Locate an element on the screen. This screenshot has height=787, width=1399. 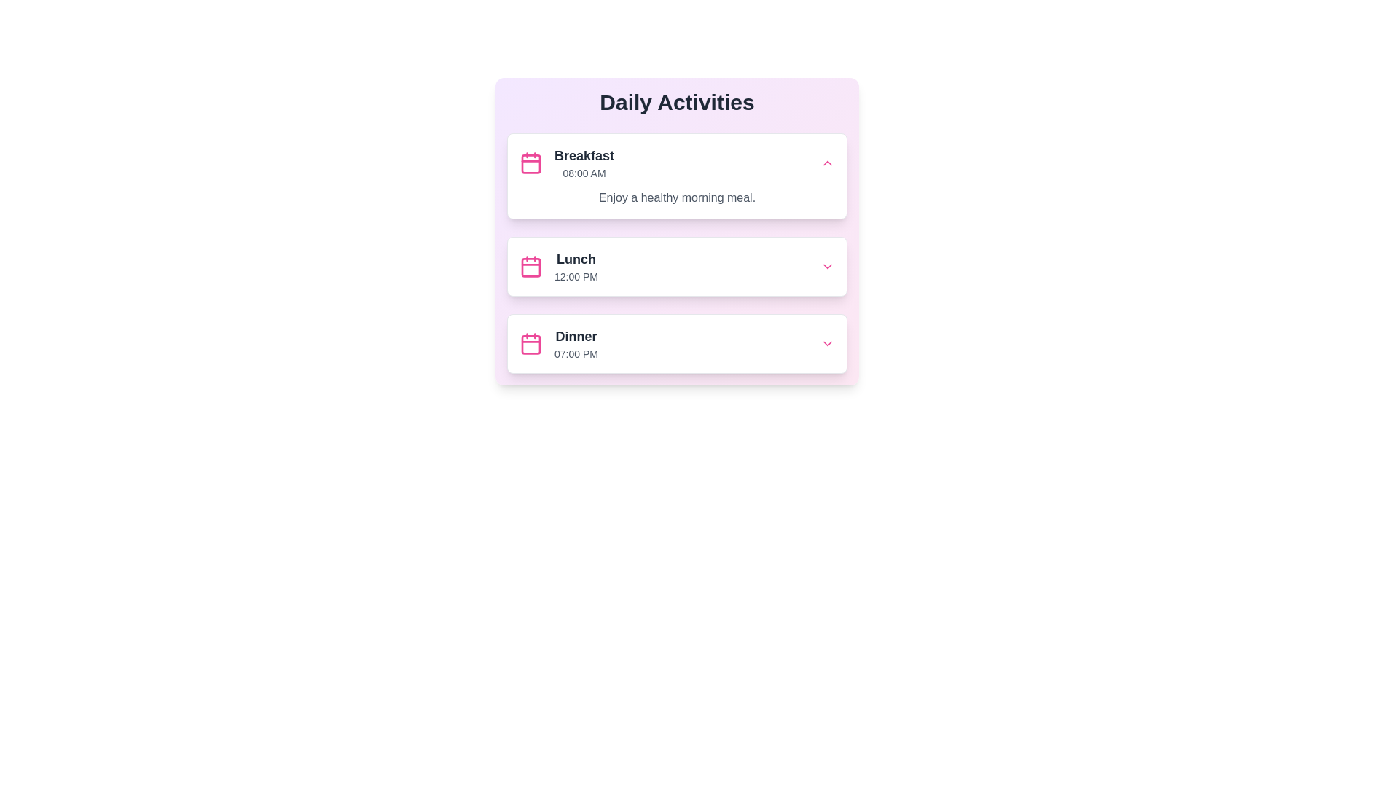
the toggle button located at the bottom-right corner of the 'Dinner' activity card is located at coordinates (828, 343).